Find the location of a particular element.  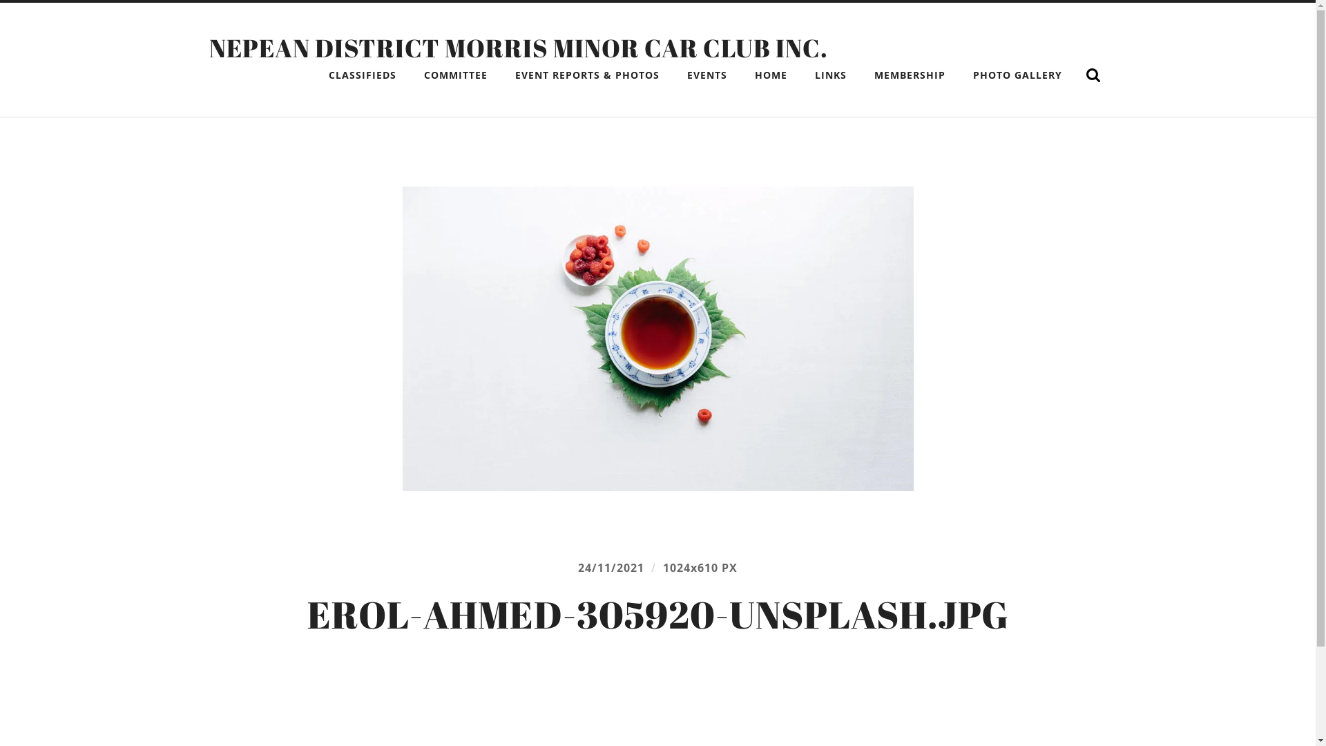

'CLASSIFIEDS' is located at coordinates (361, 75).